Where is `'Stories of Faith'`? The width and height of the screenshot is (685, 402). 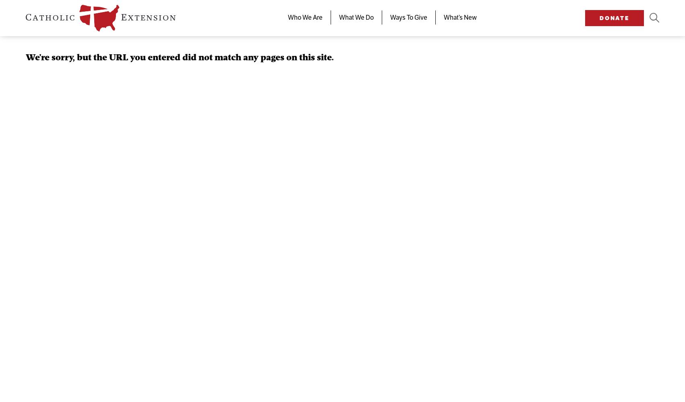
'Stories of Faith' is located at coordinates (443, 54).